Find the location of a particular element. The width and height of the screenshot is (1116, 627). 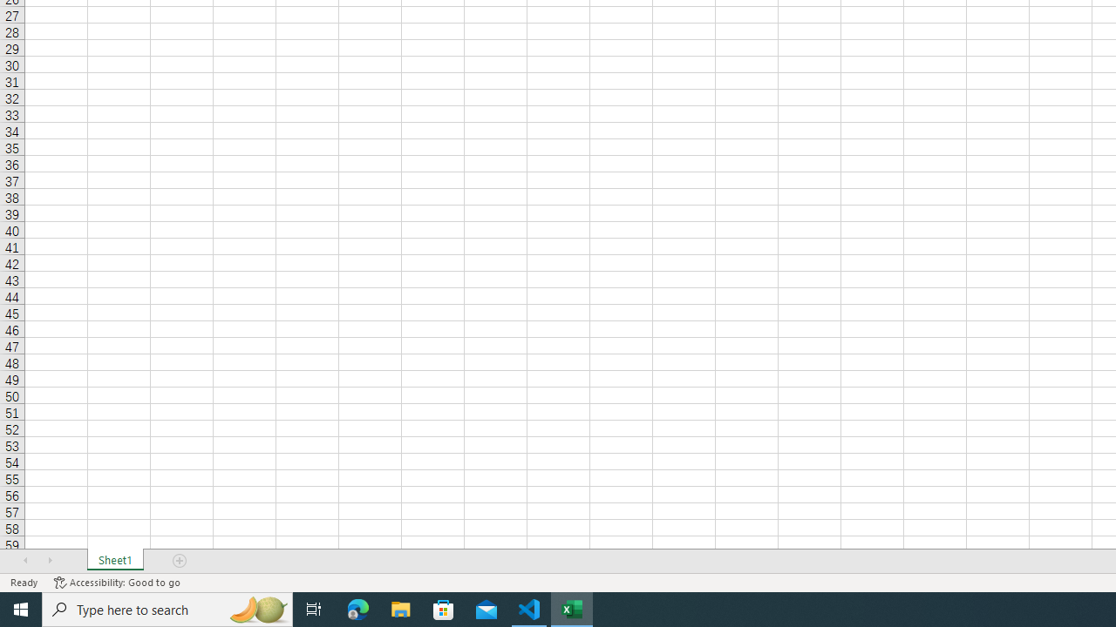

'Visual Studio Code - 1 running window' is located at coordinates (528, 608).